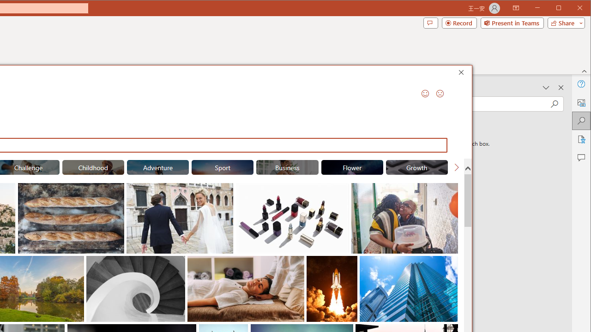 The height and width of the screenshot is (332, 591). What do you see at coordinates (580, 102) in the screenshot?
I see `'Alt Text'` at bounding box center [580, 102].